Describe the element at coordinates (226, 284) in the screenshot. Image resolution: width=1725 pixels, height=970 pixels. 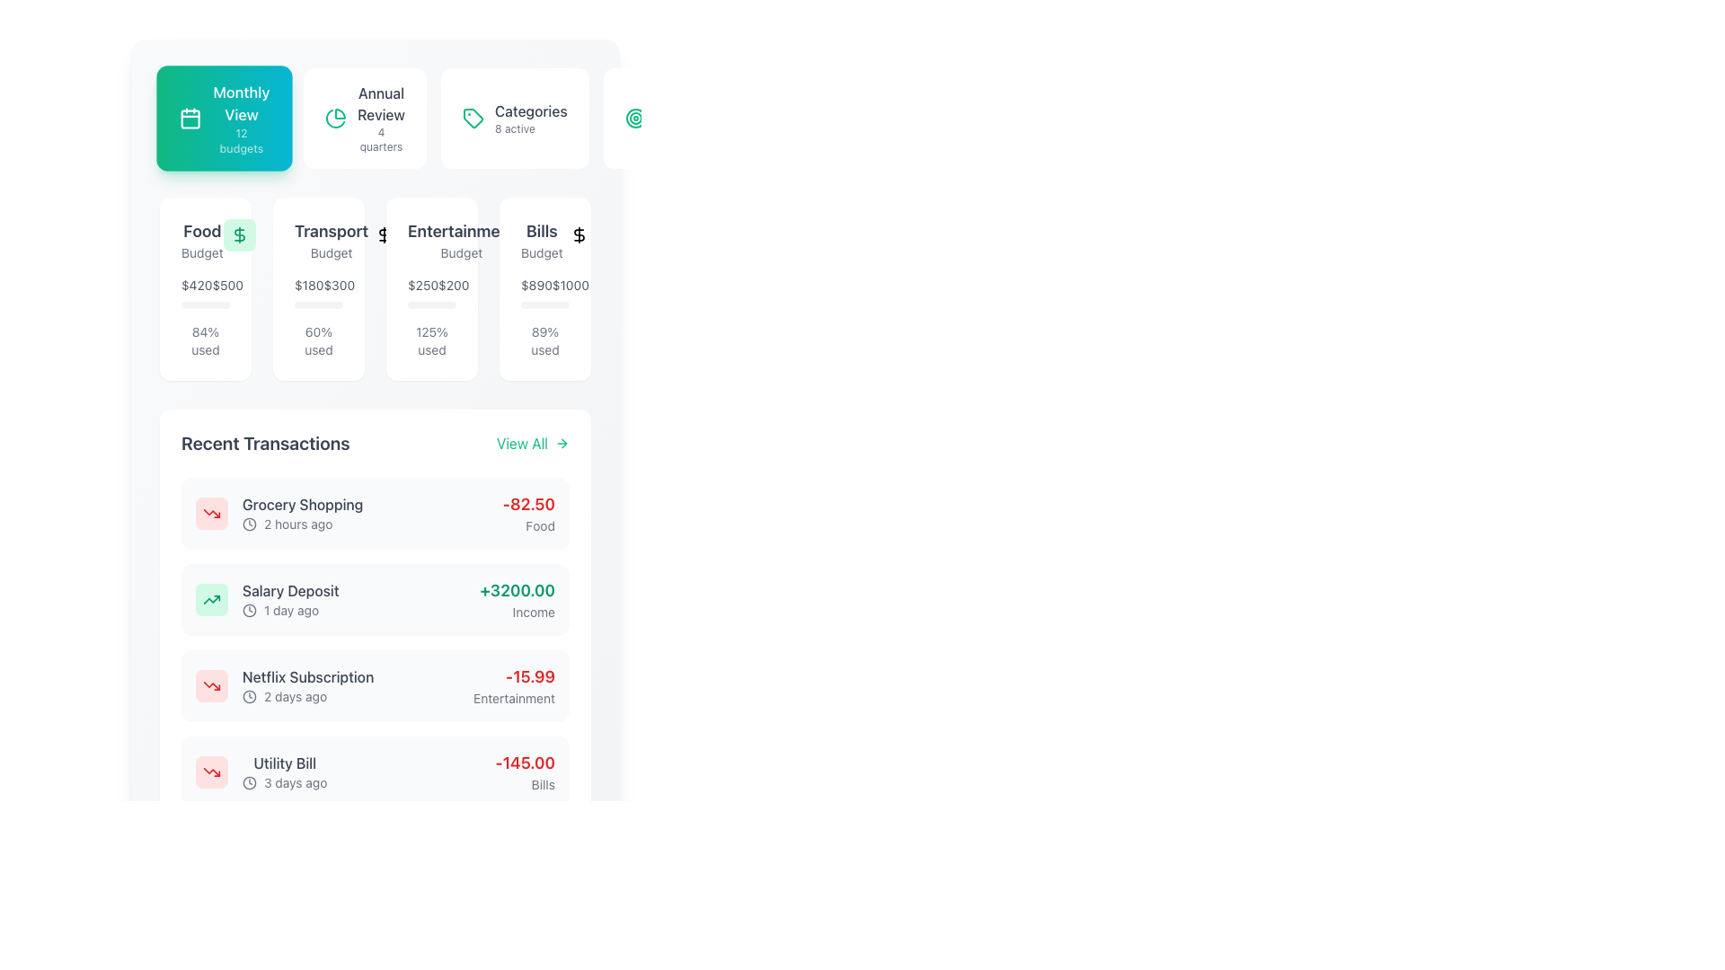
I see `the static text displaying '$500', which is aligned right next to the text '$420' within the 'Food' budget card on the dashboard interface` at that location.